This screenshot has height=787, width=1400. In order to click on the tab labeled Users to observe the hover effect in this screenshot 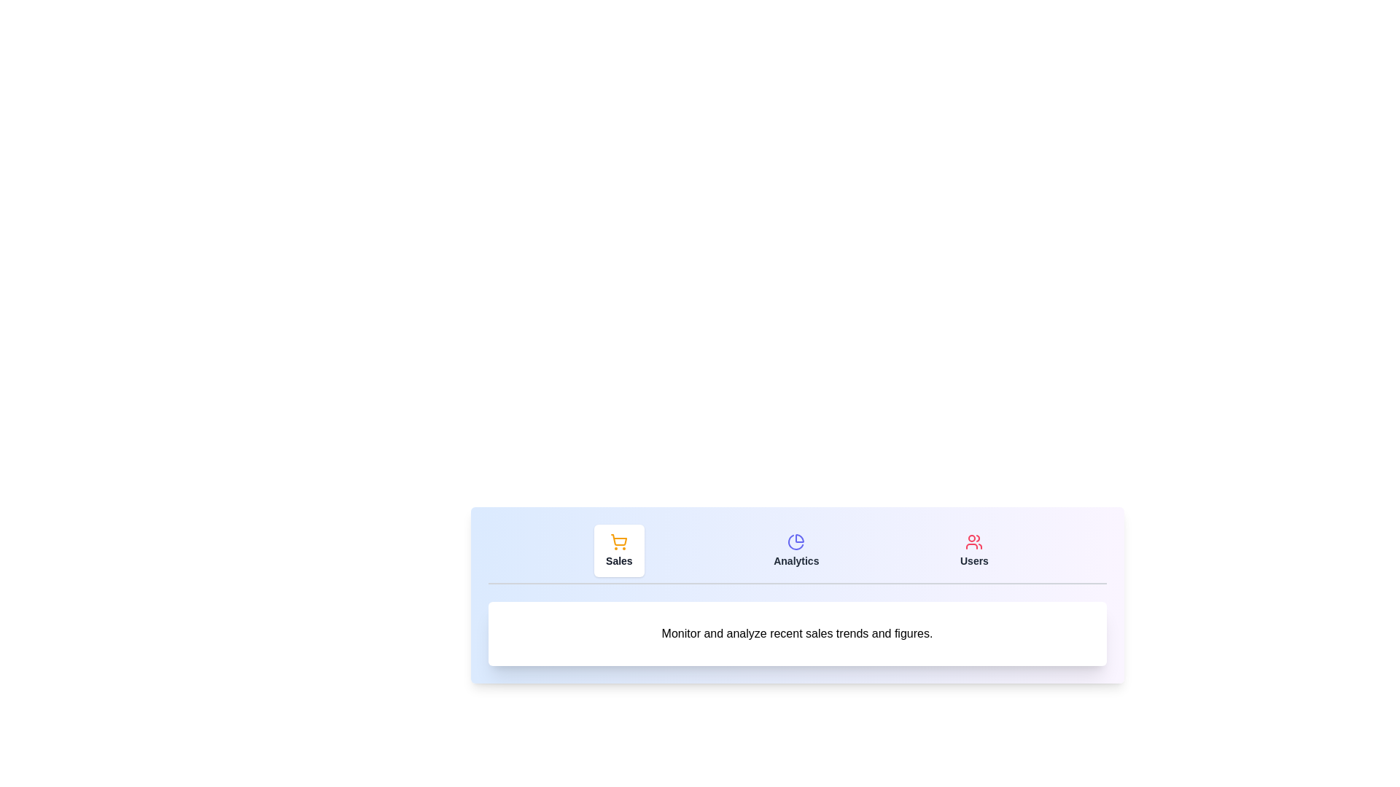, I will do `click(974, 551)`.